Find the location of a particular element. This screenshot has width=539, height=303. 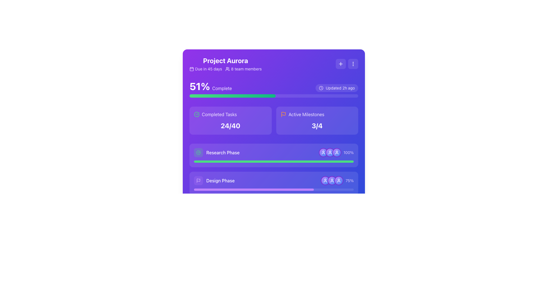

text of the label with status indicator displaying 'Research Phase' on a vibrant purple background, located in the middle-left section of the panel is located at coordinates (216, 152).